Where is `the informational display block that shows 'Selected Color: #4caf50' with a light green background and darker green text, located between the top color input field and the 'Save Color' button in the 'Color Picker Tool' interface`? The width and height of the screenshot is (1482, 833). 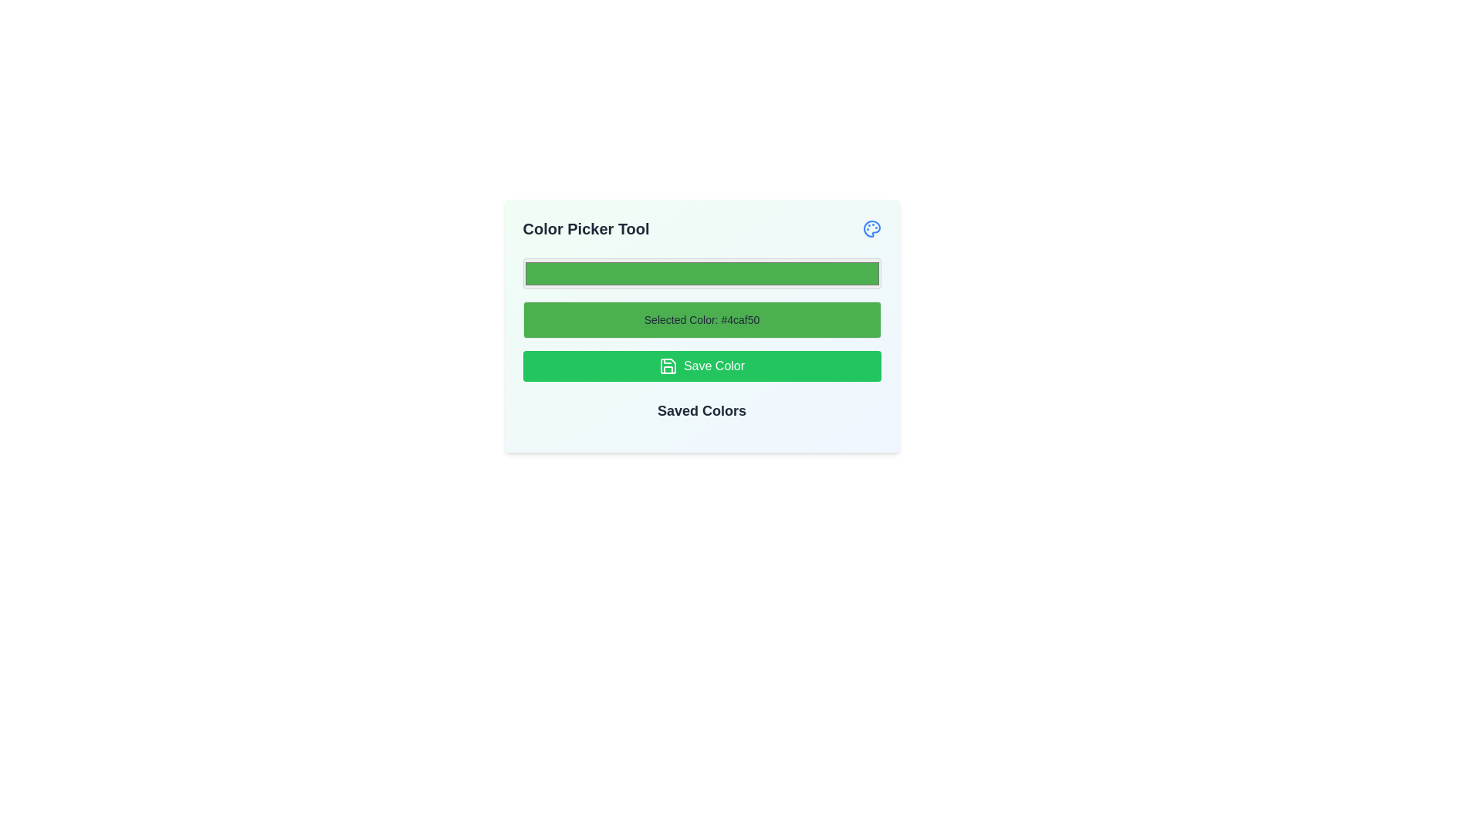
the informational display block that shows 'Selected Color: #4caf50' with a light green background and darker green text, located between the top color input field and the 'Save Color' button in the 'Color Picker Tool' interface is located at coordinates (701, 325).